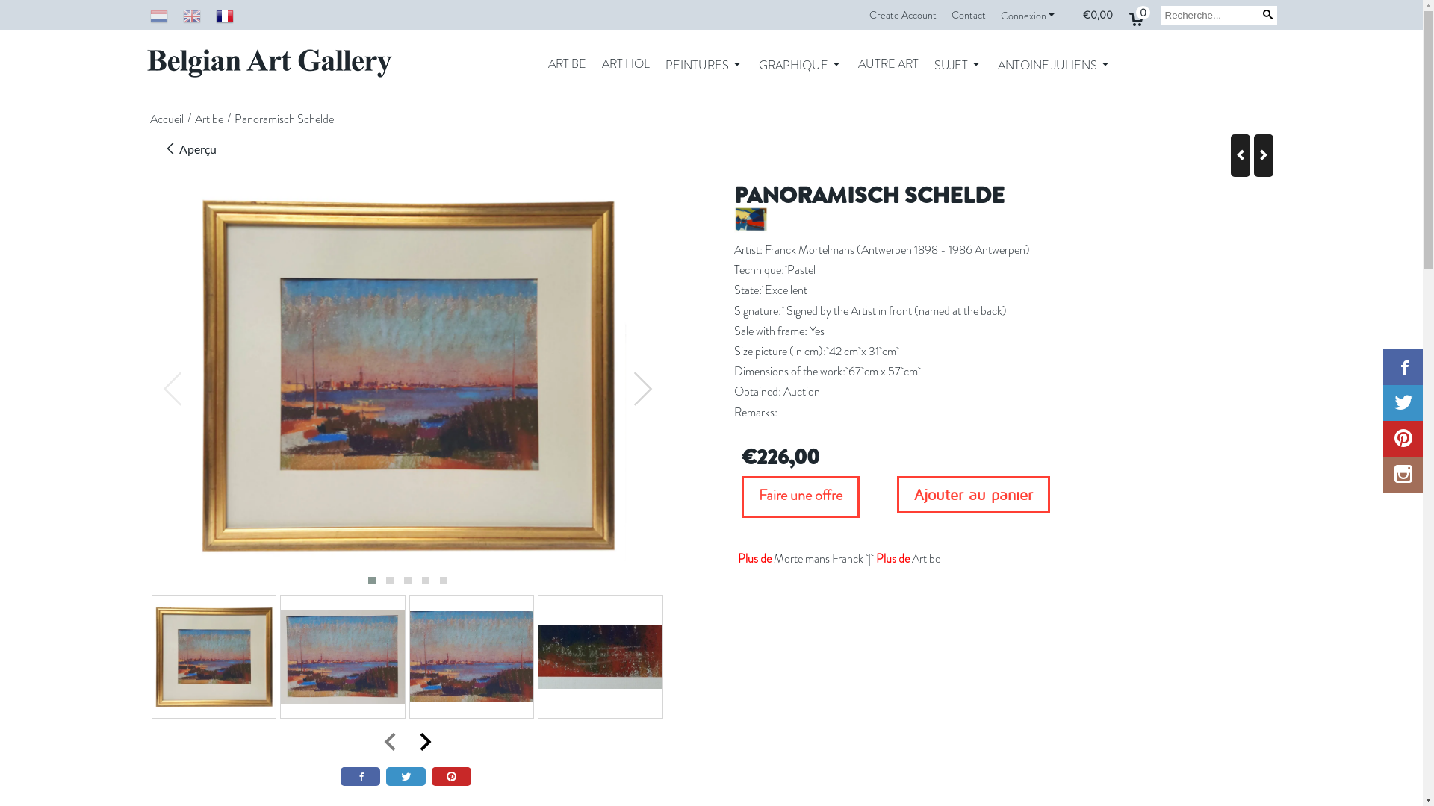  What do you see at coordinates (888, 63) in the screenshot?
I see `'AUTRE ART'` at bounding box center [888, 63].